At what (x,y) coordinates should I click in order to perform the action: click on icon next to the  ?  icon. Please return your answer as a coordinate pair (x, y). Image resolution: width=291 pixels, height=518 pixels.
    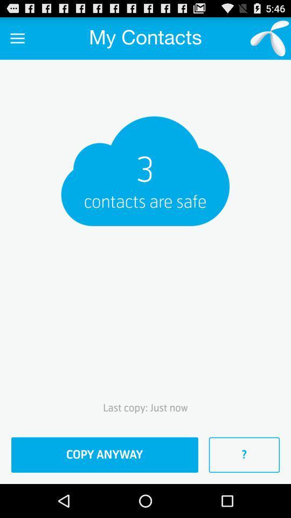
    Looking at the image, I should click on (105, 454).